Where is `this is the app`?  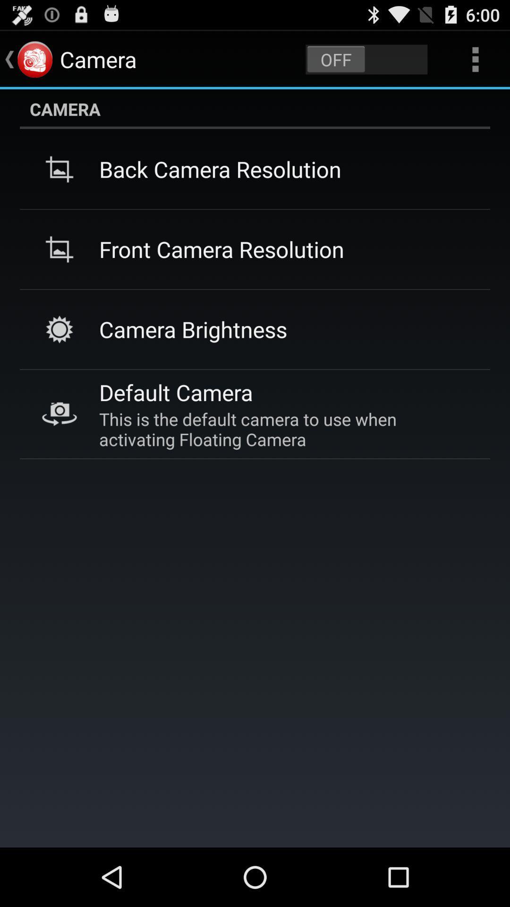
this is the app is located at coordinates (283, 428).